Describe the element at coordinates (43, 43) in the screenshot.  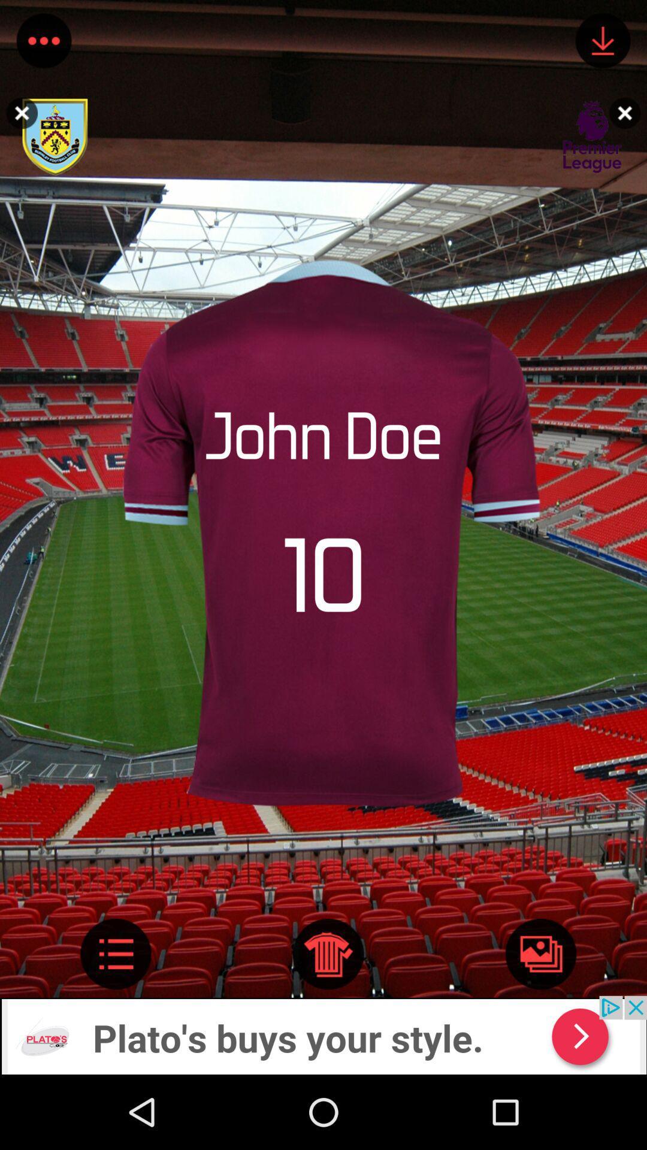
I see `the more icon` at that location.